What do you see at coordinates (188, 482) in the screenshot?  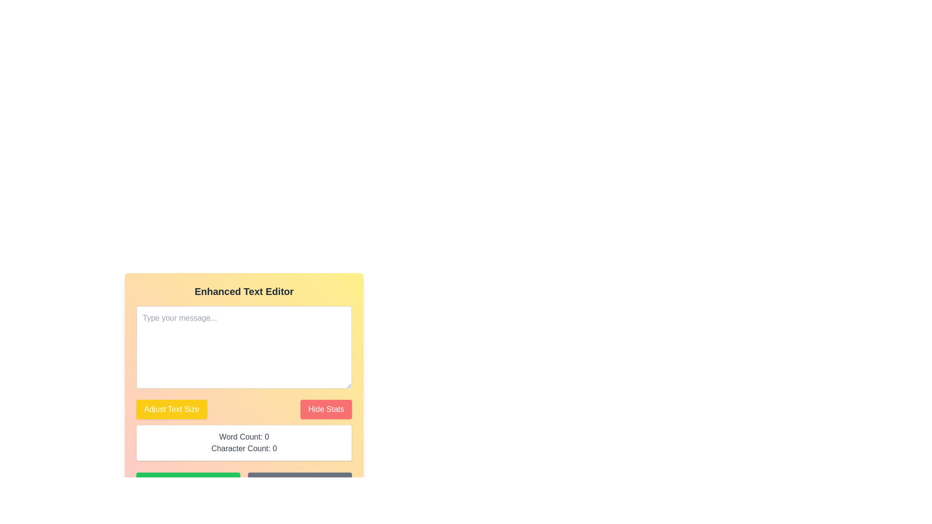 I see `the 'Save' button located at the bottom left of the editor panel` at bounding box center [188, 482].